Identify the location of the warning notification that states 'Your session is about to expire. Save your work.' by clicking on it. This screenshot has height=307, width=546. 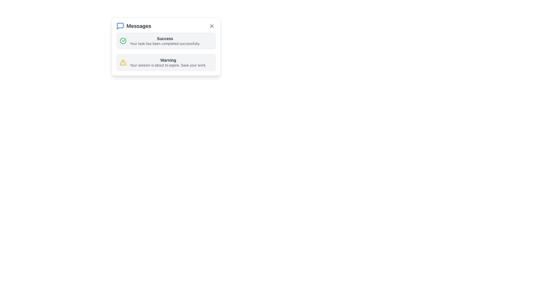
(168, 62).